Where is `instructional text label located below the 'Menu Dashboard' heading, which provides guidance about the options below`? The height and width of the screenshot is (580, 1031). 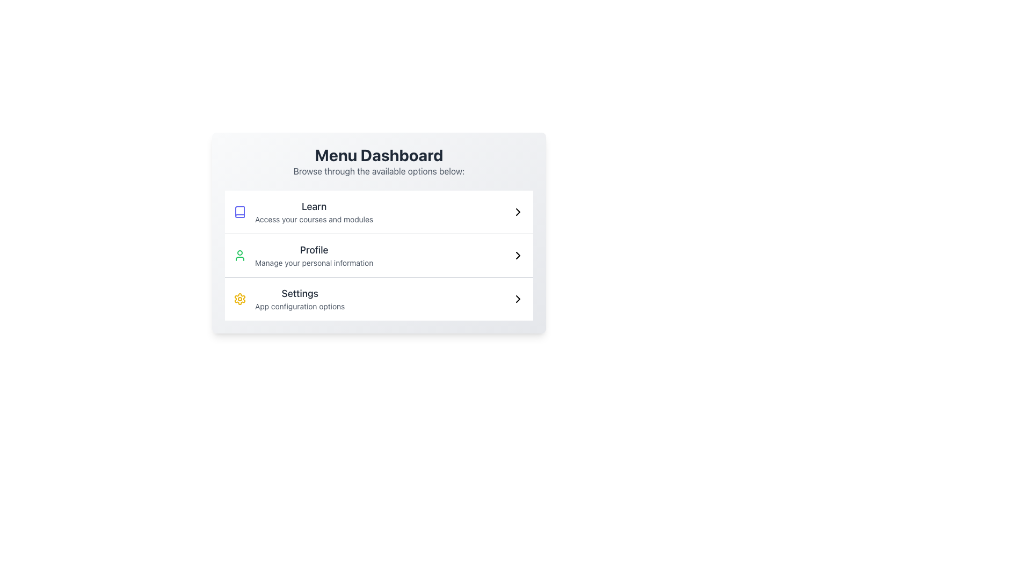
instructional text label located below the 'Menu Dashboard' heading, which provides guidance about the options below is located at coordinates (379, 171).